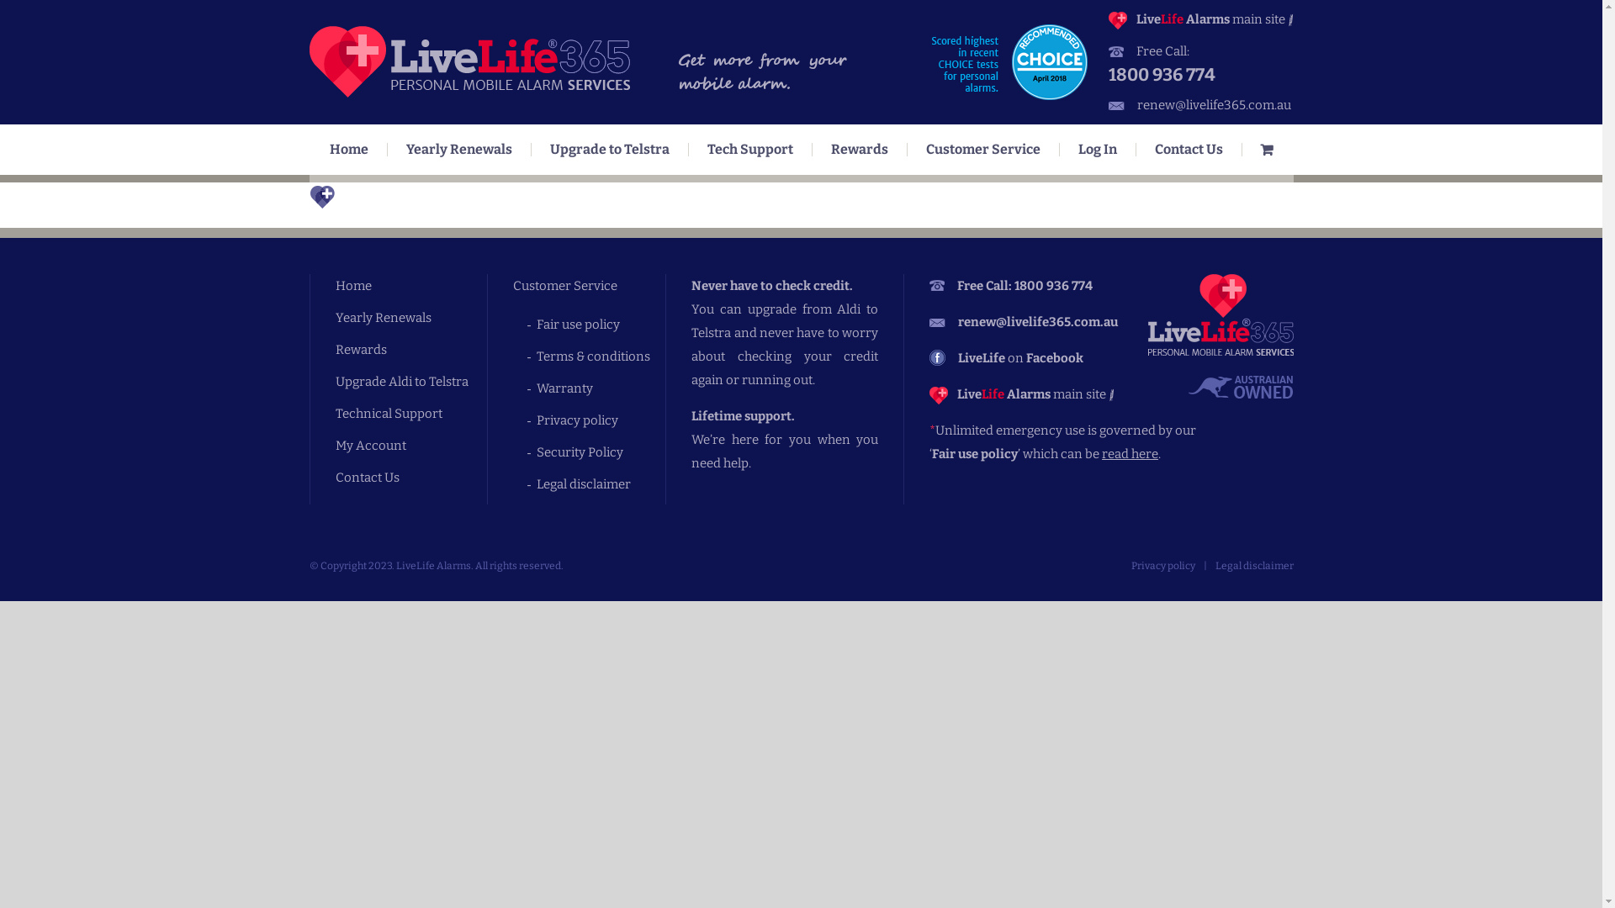 The image size is (1615, 908). I want to click on 'read here', so click(1102, 454).